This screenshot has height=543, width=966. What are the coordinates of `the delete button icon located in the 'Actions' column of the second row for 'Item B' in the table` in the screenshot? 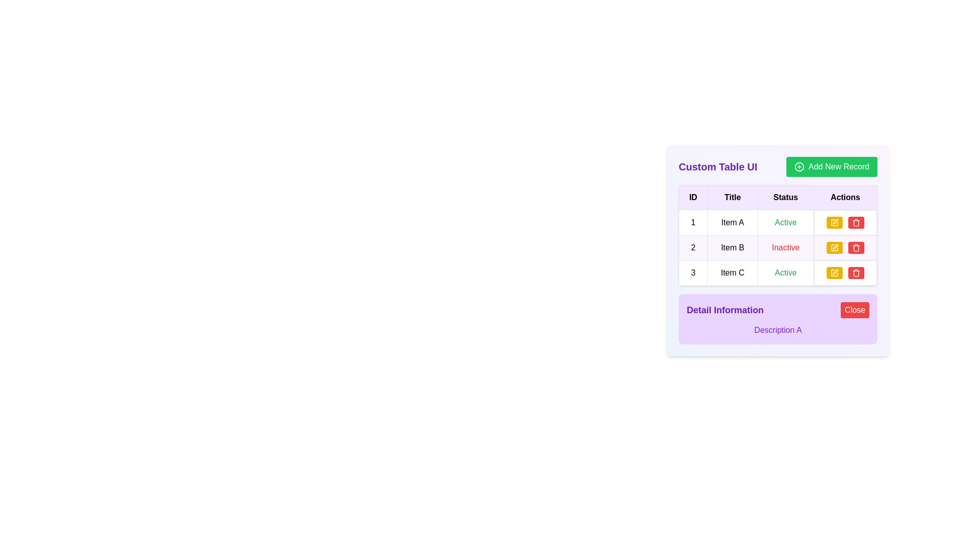 It's located at (856, 248).